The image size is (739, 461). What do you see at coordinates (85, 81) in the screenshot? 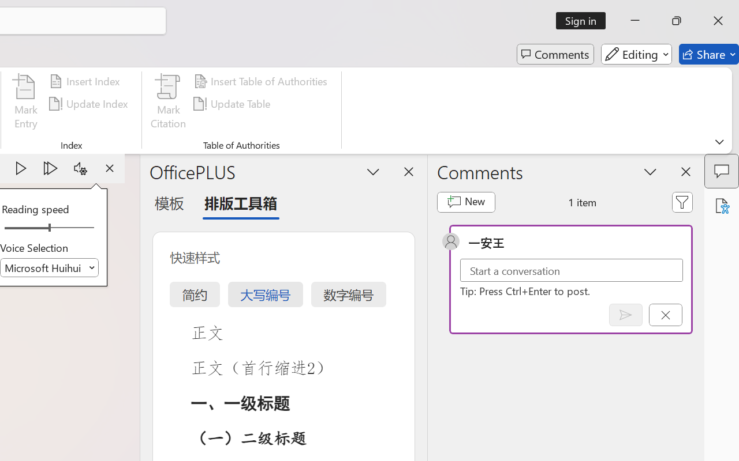
I see `'Insert Index...'` at bounding box center [85, 81].